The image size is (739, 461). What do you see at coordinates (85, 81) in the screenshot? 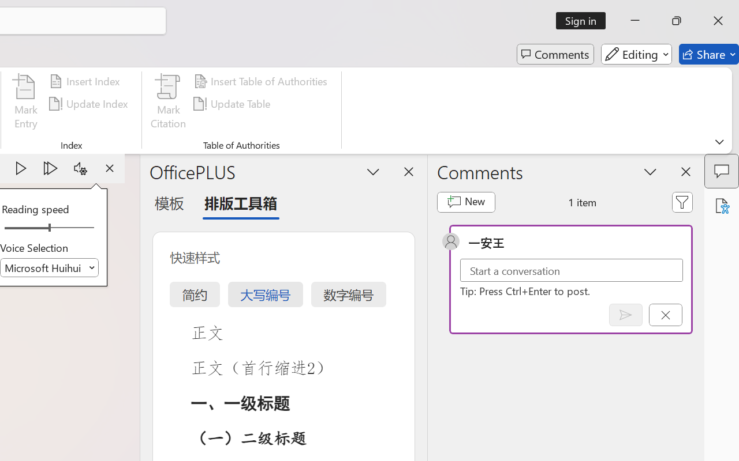
I see `'Insert Index...'` at bounding box center [85, 81].